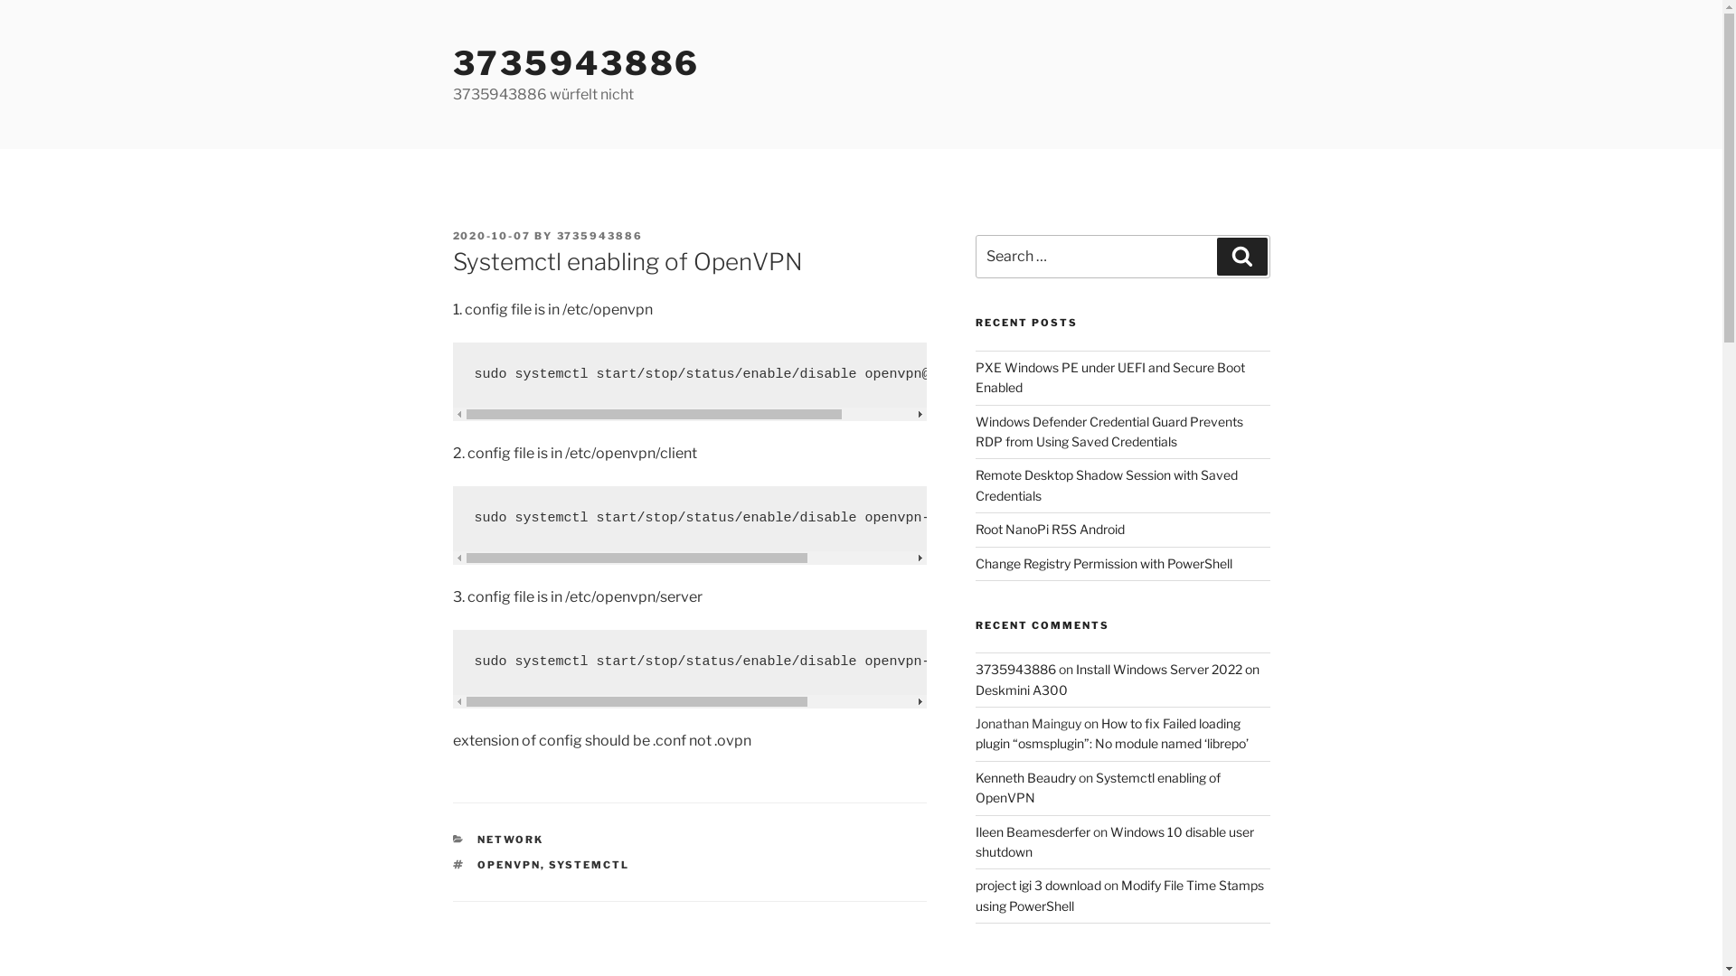  Describe the element at coordinates (1102, 561) in the screenshot. I see `'Change Registry Permission with PowerShell'` at that location.